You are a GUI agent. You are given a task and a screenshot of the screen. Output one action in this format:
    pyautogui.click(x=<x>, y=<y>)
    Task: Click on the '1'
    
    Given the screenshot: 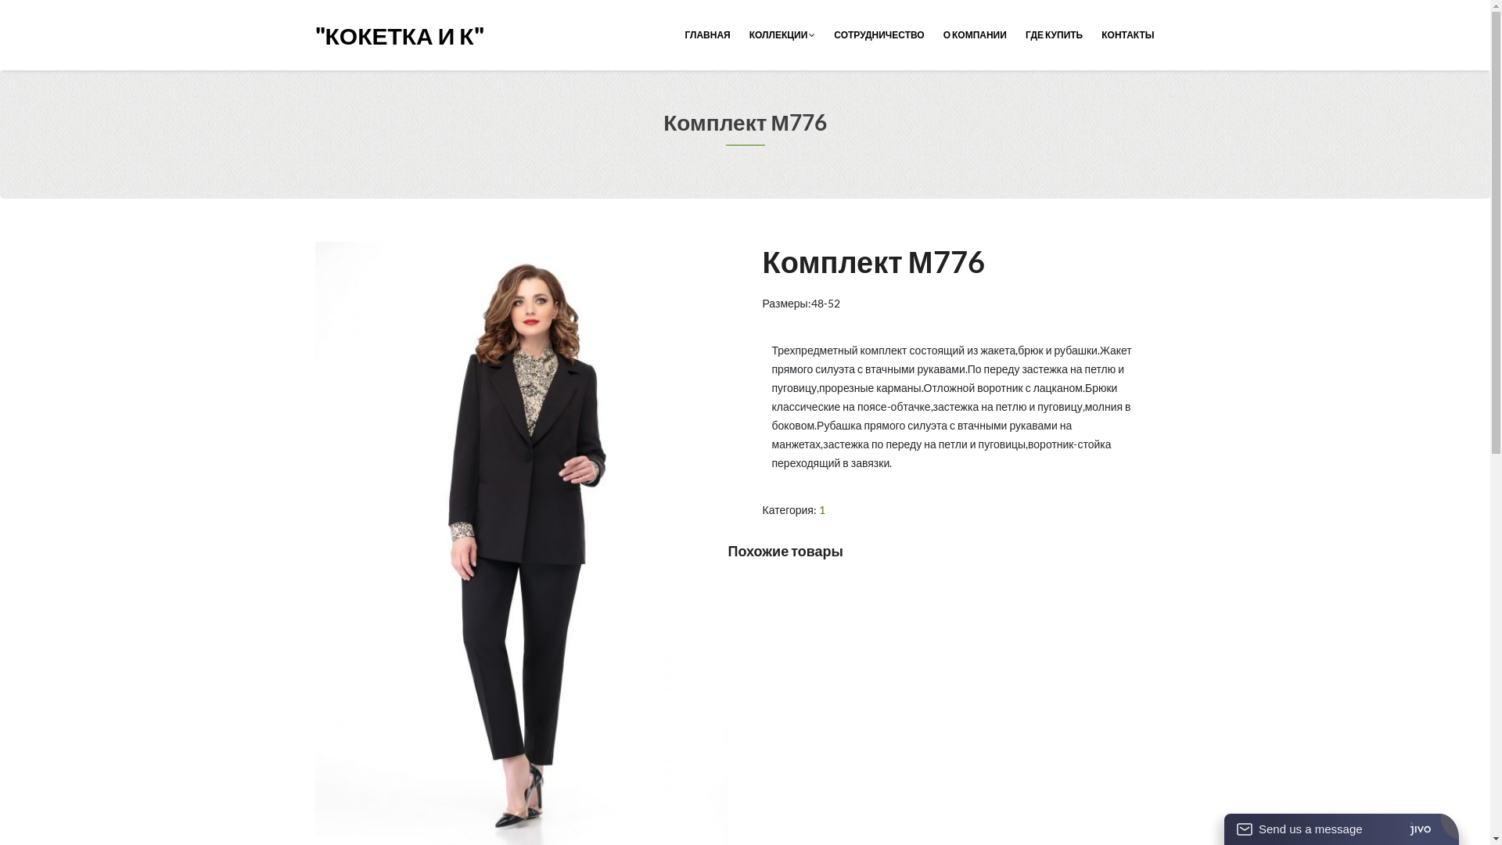 What is the action you would take?
    pyautogui.click(x=821, y=509)
    